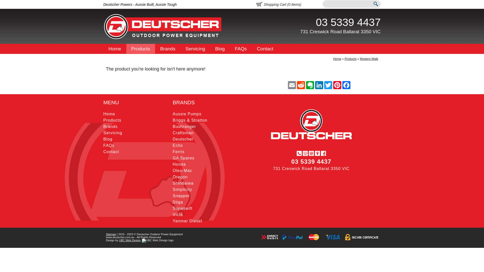  Describe the element at coordinates (173, 221) in the screenshot. I see `'Yanmar Diesel'` at that location.